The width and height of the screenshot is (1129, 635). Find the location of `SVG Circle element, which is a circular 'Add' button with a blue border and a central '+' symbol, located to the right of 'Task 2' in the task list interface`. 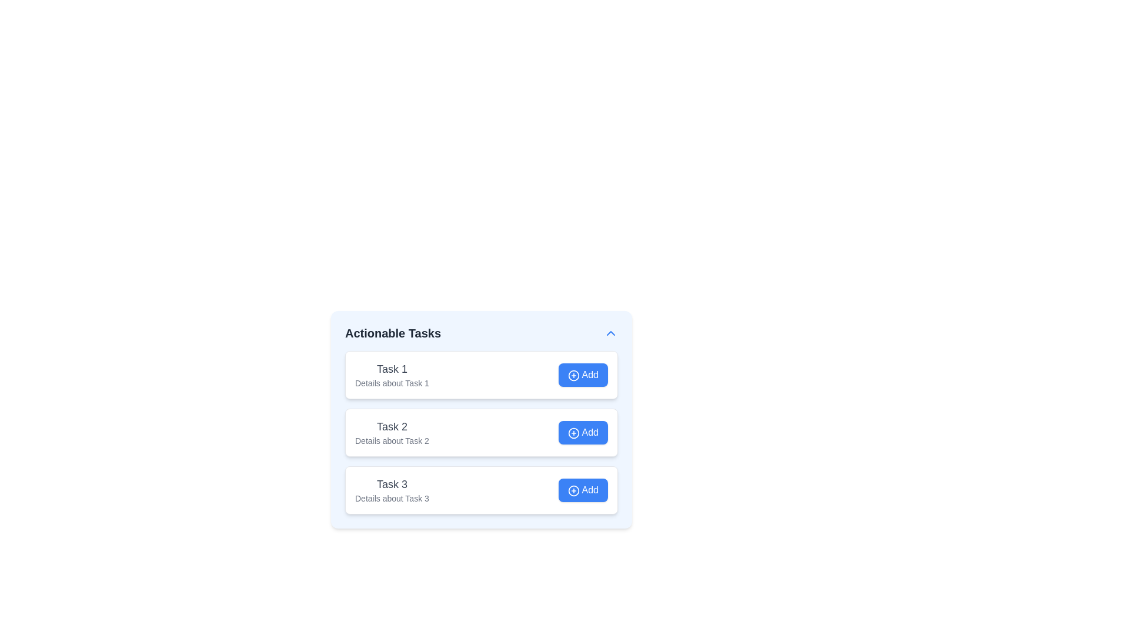

SVG Circle element, which is a circular 'Add' button with a blue border and a central '+' symbol, located to the right of 'Task 2' in the task list interface is located at coordinates (573, 433).